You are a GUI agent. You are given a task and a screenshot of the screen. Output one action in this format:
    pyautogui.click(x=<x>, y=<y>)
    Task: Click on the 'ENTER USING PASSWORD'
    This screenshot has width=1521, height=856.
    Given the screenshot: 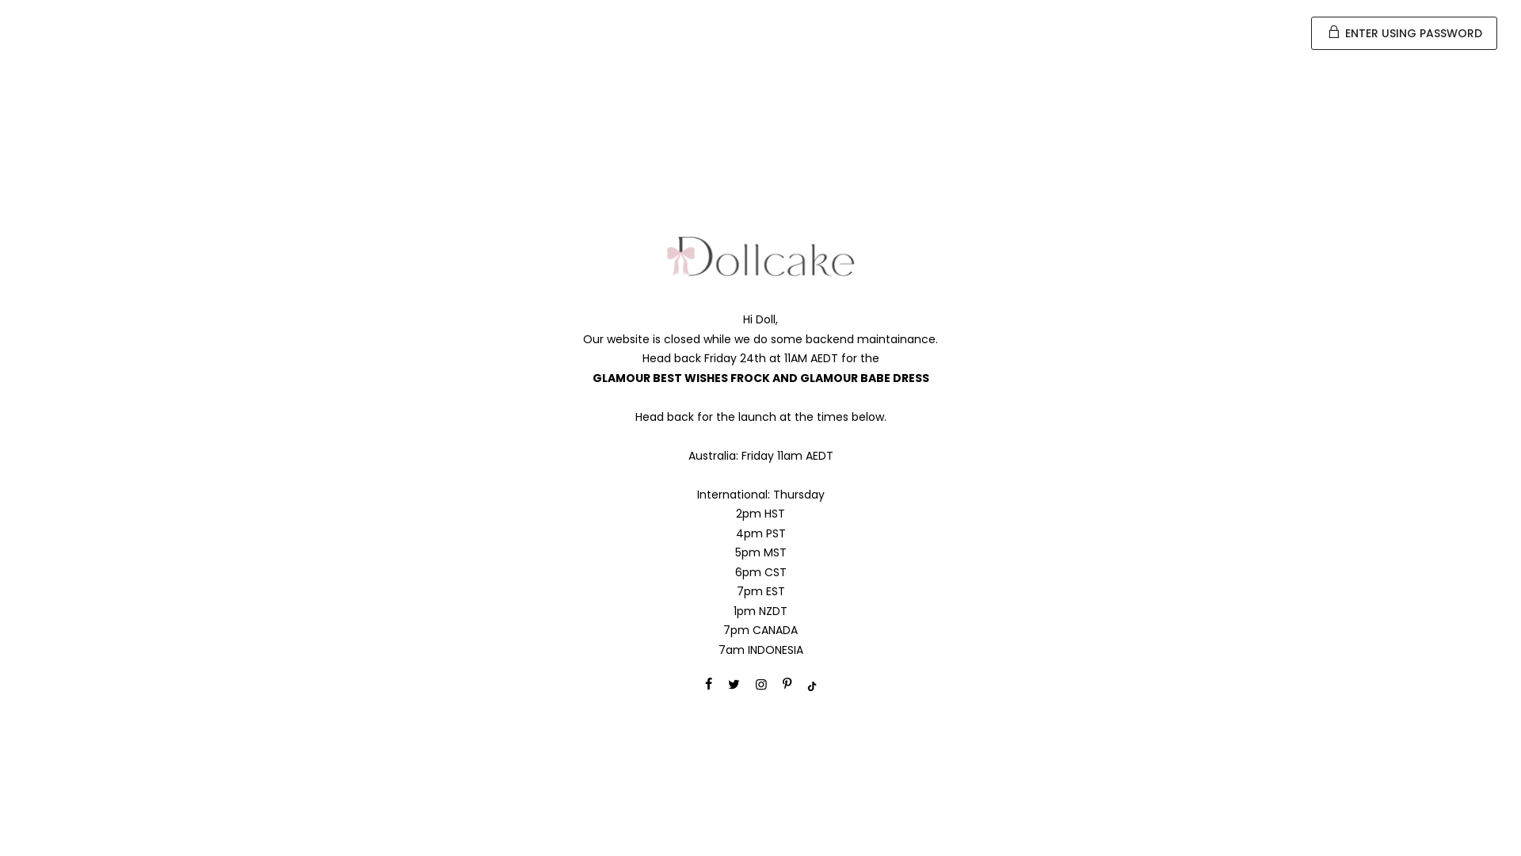 What is the action you would take?
    pyautogui.click(x=1404, y=33)
    